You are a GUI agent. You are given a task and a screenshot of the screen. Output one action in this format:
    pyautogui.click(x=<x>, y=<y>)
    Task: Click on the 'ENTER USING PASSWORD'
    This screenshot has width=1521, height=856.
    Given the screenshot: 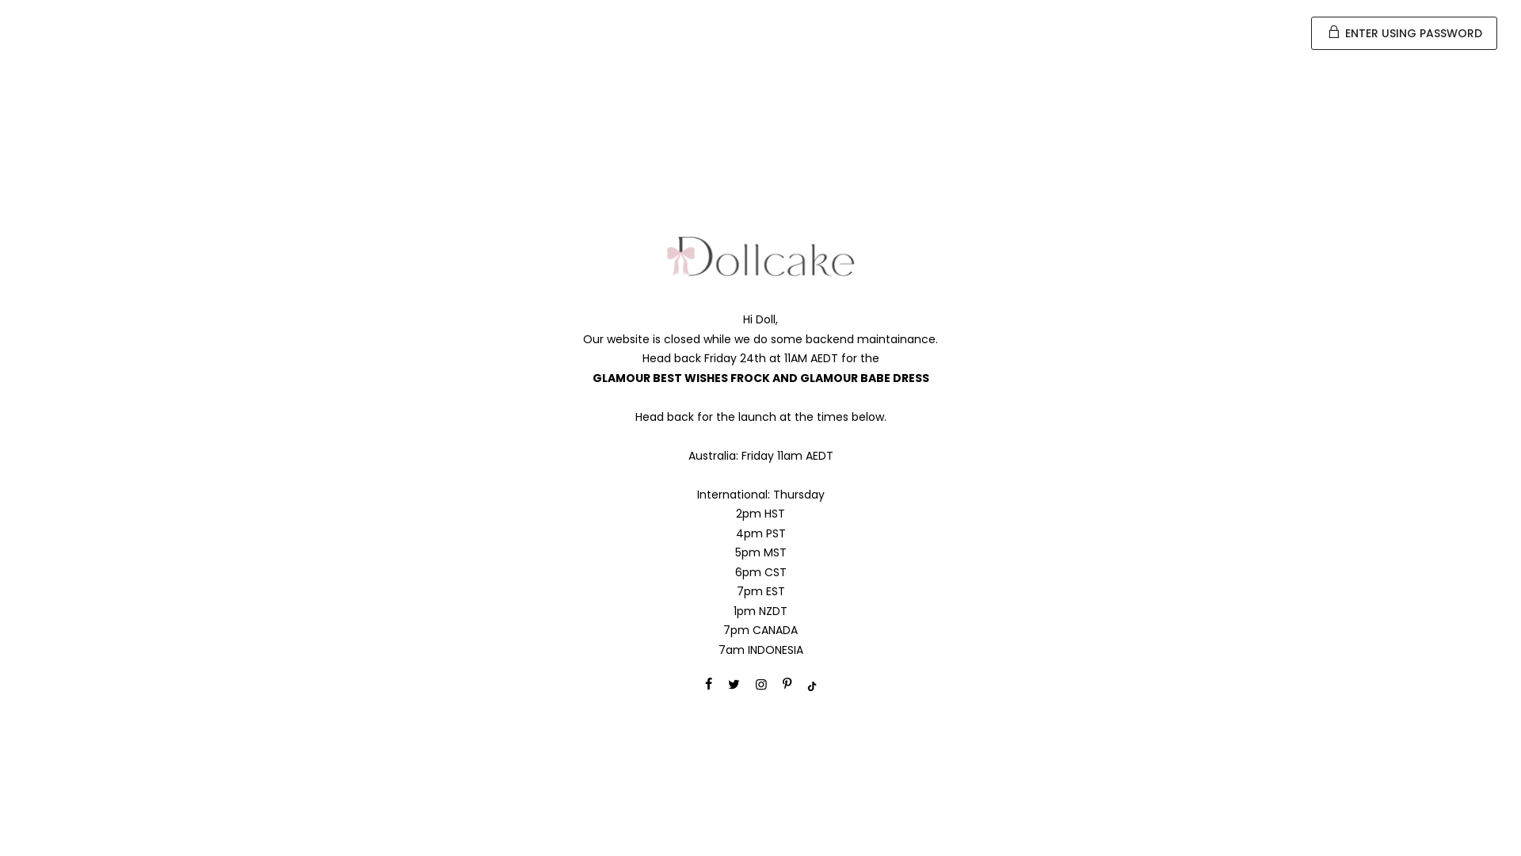 What is the action you would take?
    pyautogui.click(x=1404, y=33)
    